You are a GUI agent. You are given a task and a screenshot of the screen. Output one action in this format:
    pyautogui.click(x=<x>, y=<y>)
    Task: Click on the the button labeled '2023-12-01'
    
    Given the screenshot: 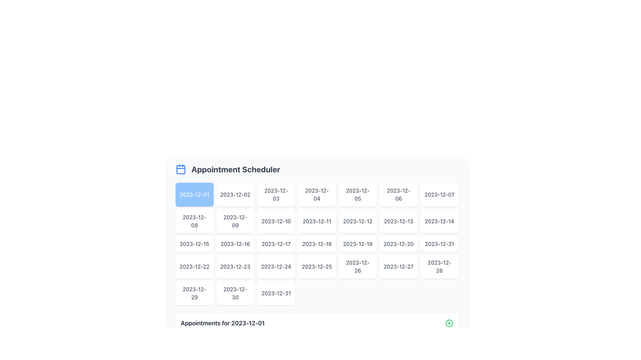 What is the action you would take?
    pyautogui.click(x=194, y=194)
    